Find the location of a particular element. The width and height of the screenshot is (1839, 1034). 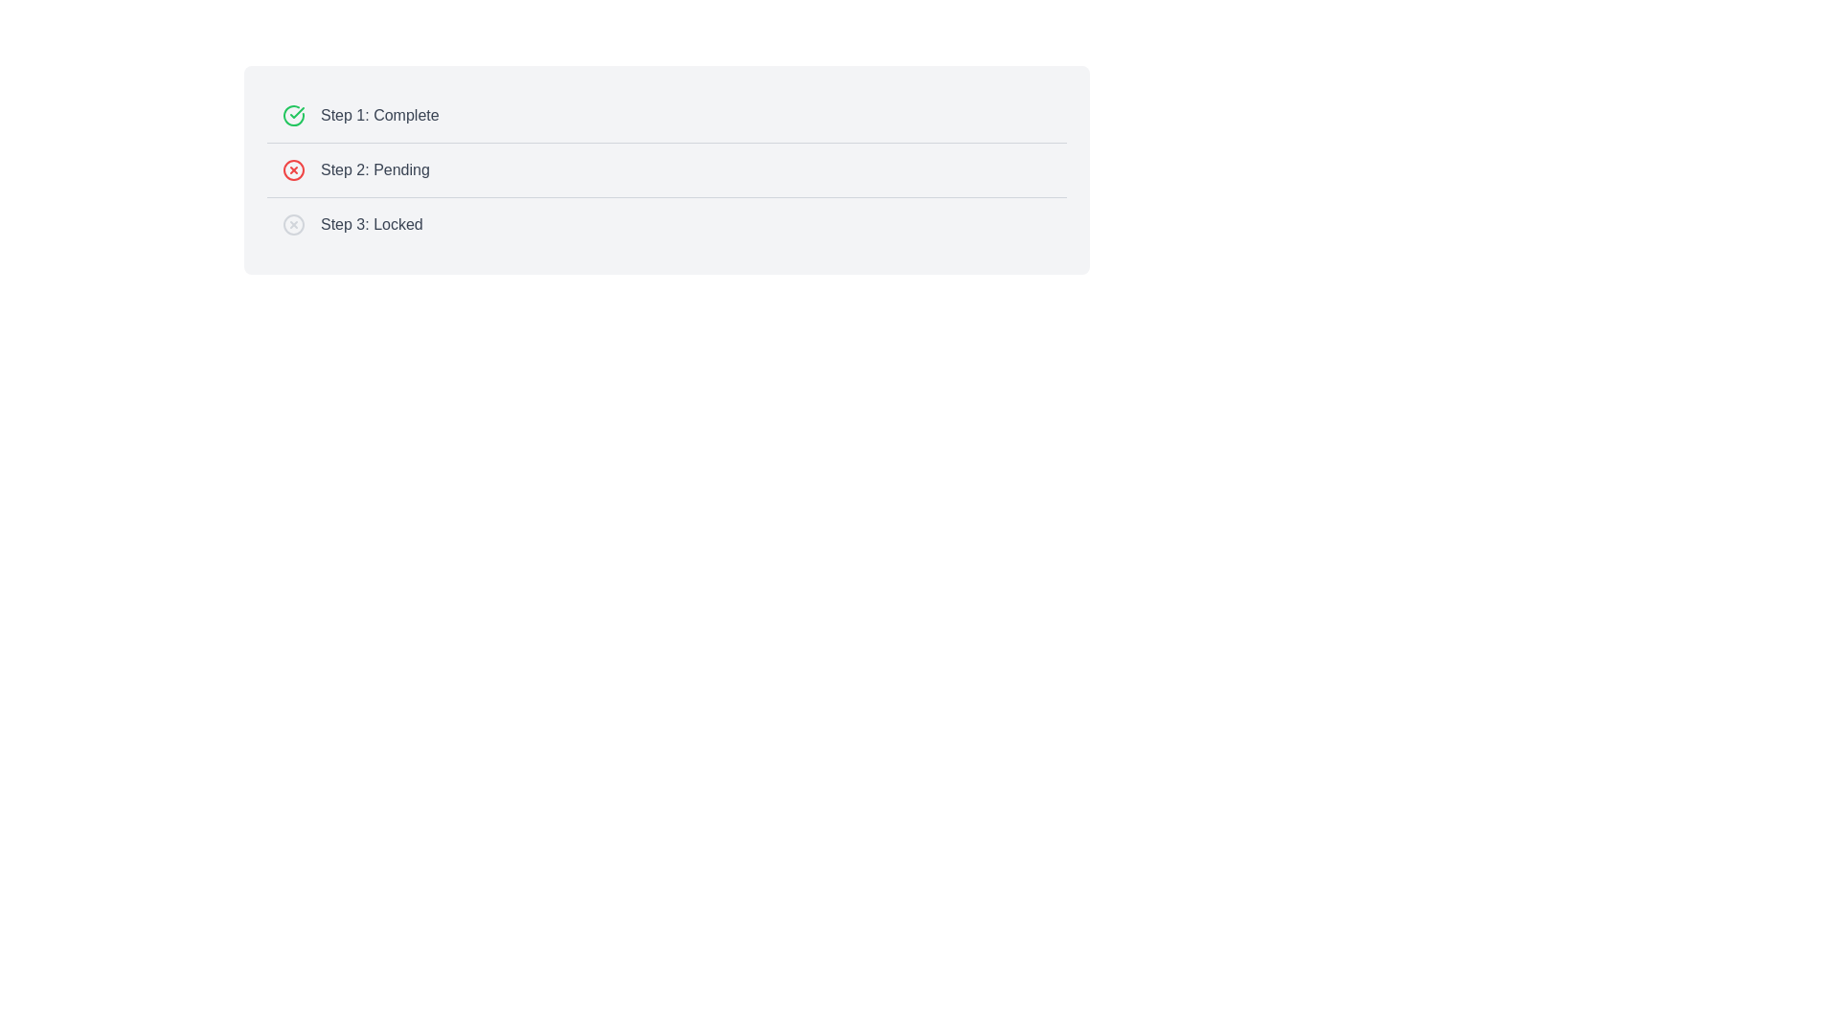

the Status icon that indicates the locked status of Step 3, which is positioned to the left of the text 'Step 3: Locked' is located at coordinates (293, 224).